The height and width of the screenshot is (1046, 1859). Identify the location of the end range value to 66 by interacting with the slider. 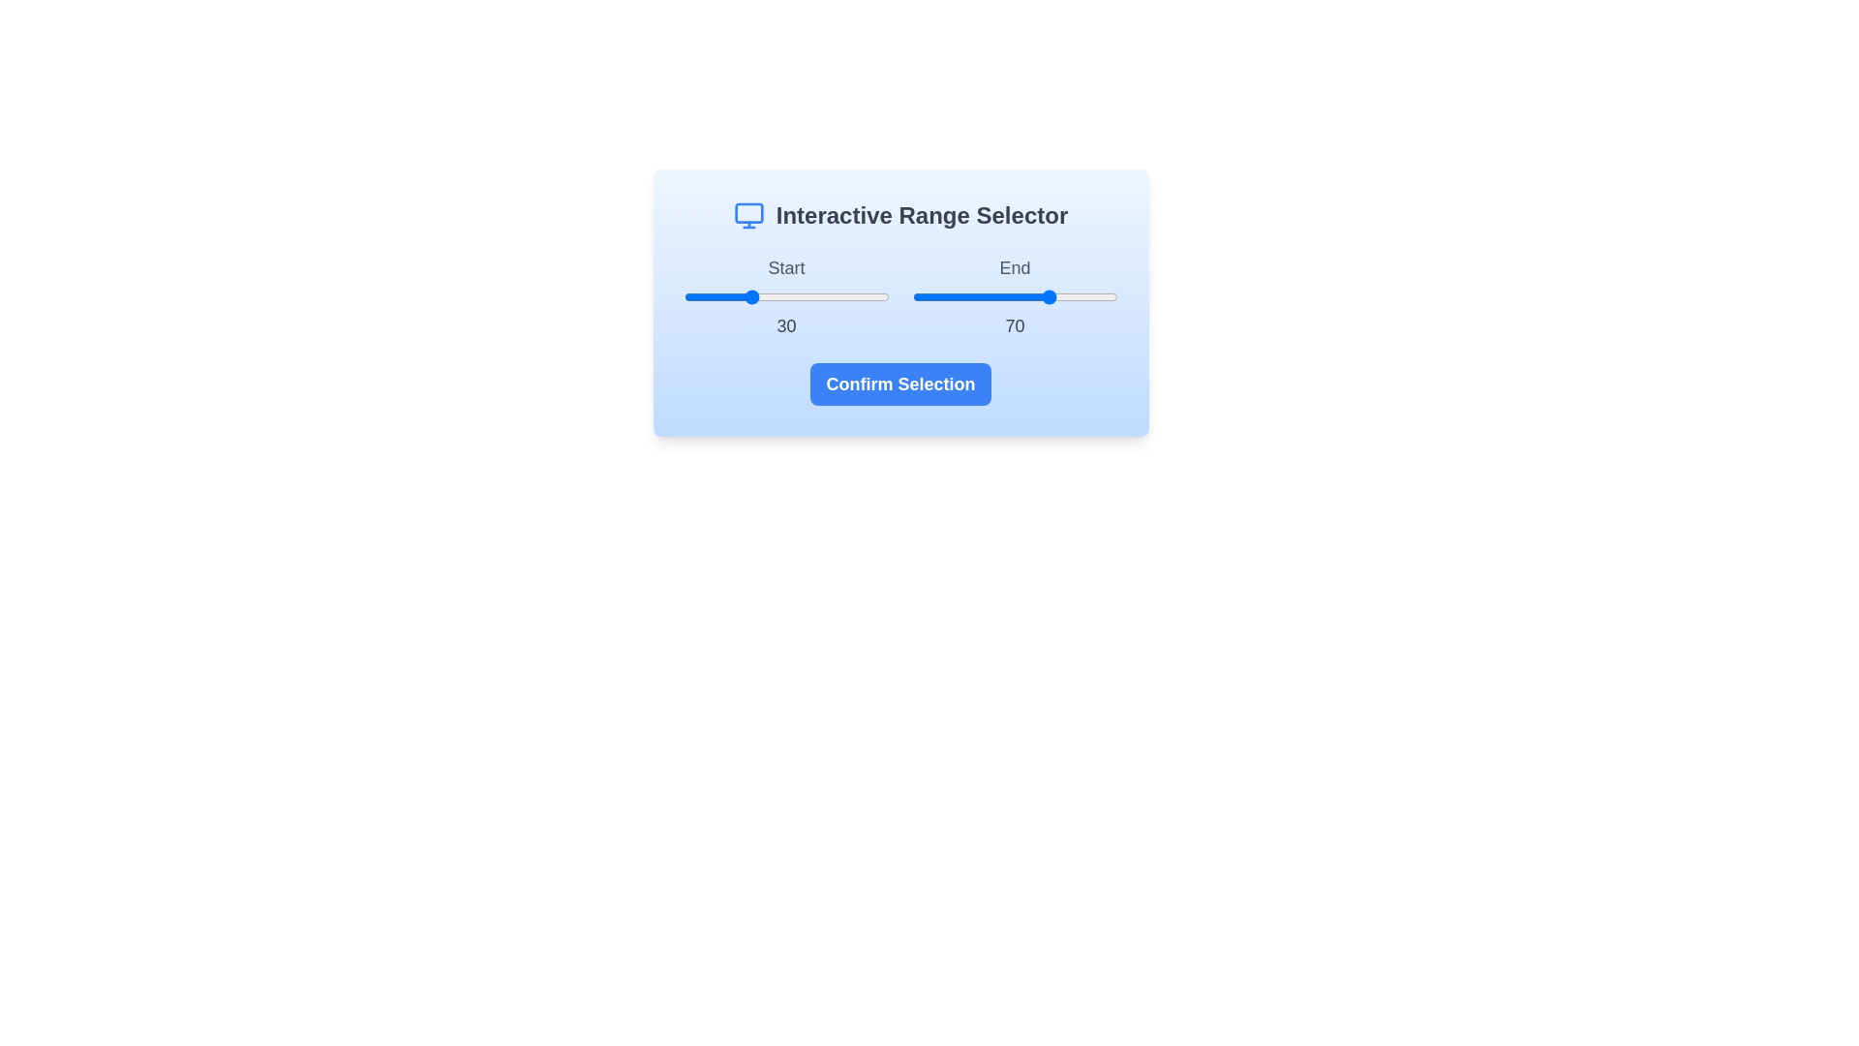
(1047, 297).